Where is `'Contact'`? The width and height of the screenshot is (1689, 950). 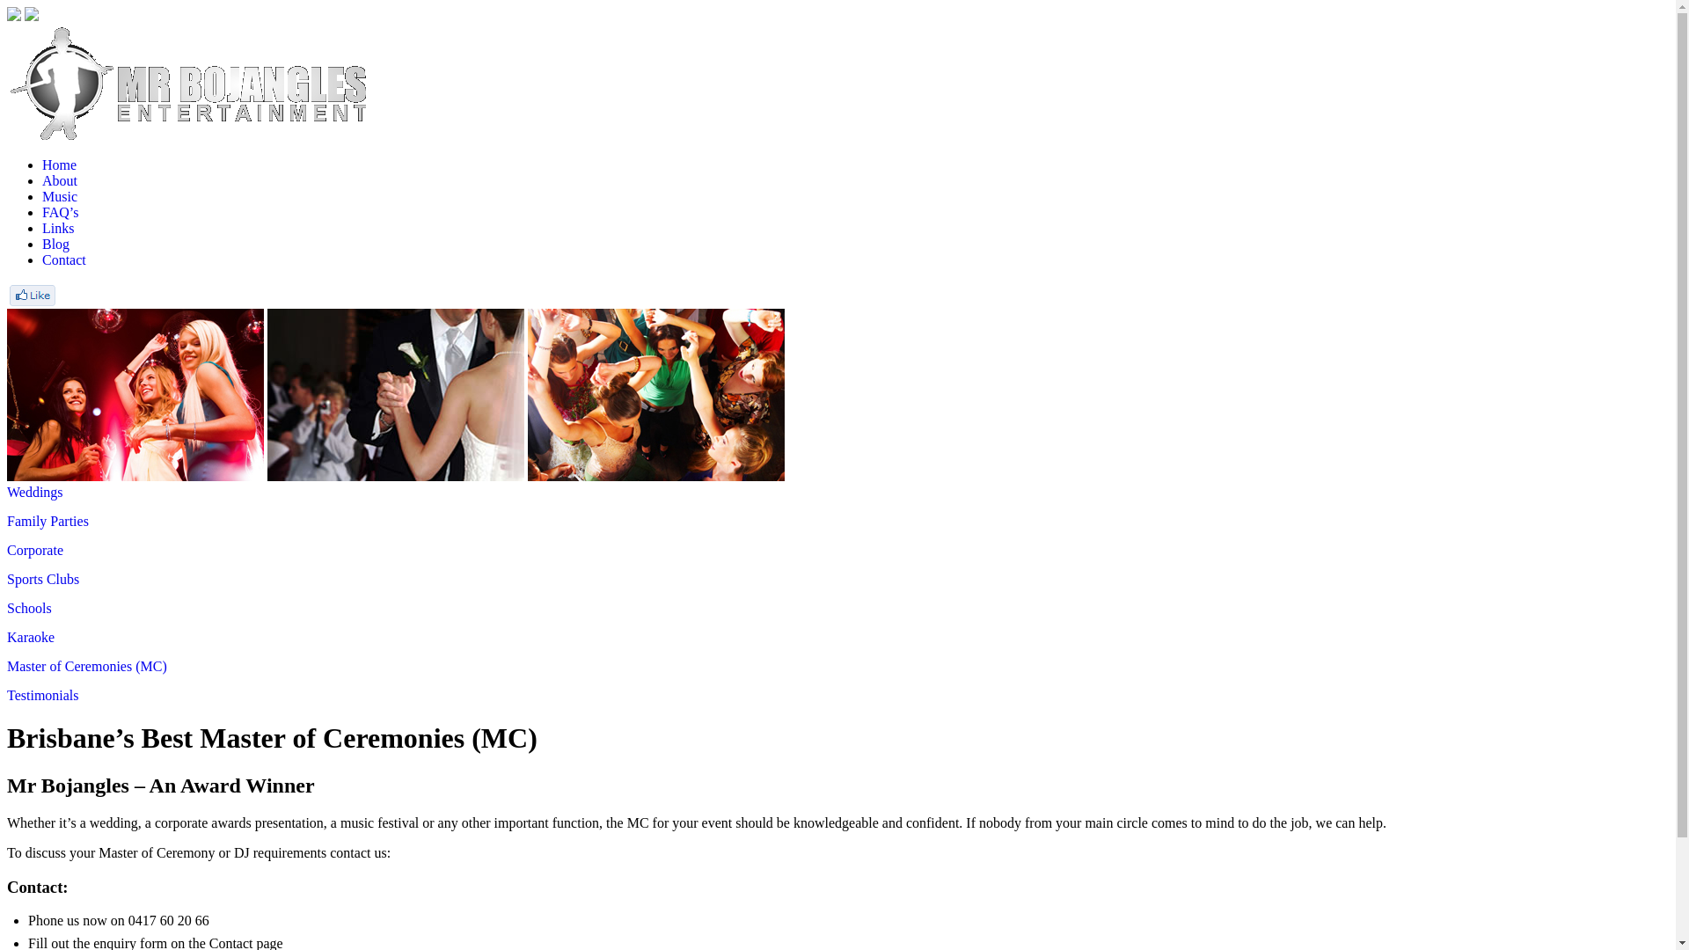 'Contact' is located at coordinates (63, 259).